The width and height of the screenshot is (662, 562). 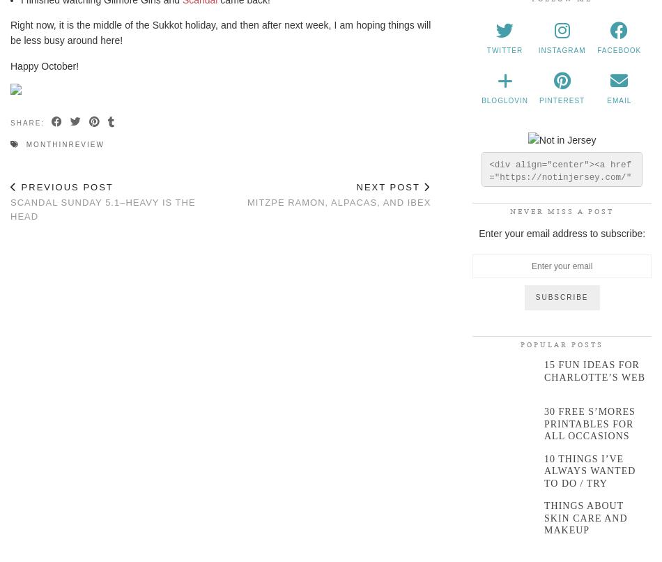 What do you see at coordinates (588, 471) in the screenshot?
I see `'10 Things I’ve Always Wanted to Do / Try'` at bounding box center [588, 471].